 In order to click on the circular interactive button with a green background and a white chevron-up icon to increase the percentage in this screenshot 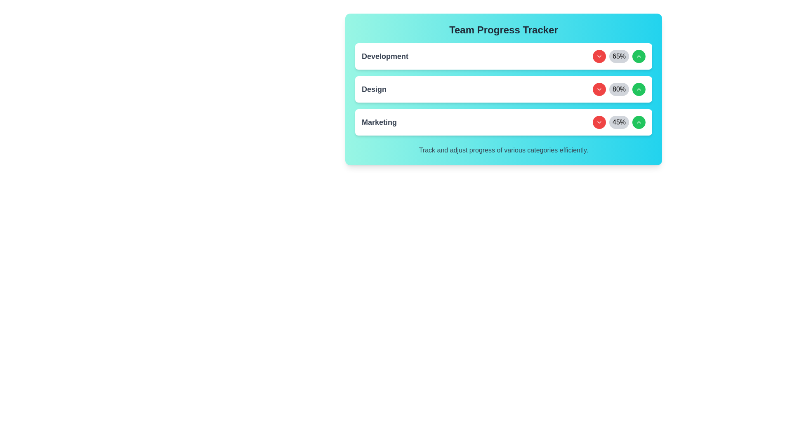, I will do `click(639, 89)`.